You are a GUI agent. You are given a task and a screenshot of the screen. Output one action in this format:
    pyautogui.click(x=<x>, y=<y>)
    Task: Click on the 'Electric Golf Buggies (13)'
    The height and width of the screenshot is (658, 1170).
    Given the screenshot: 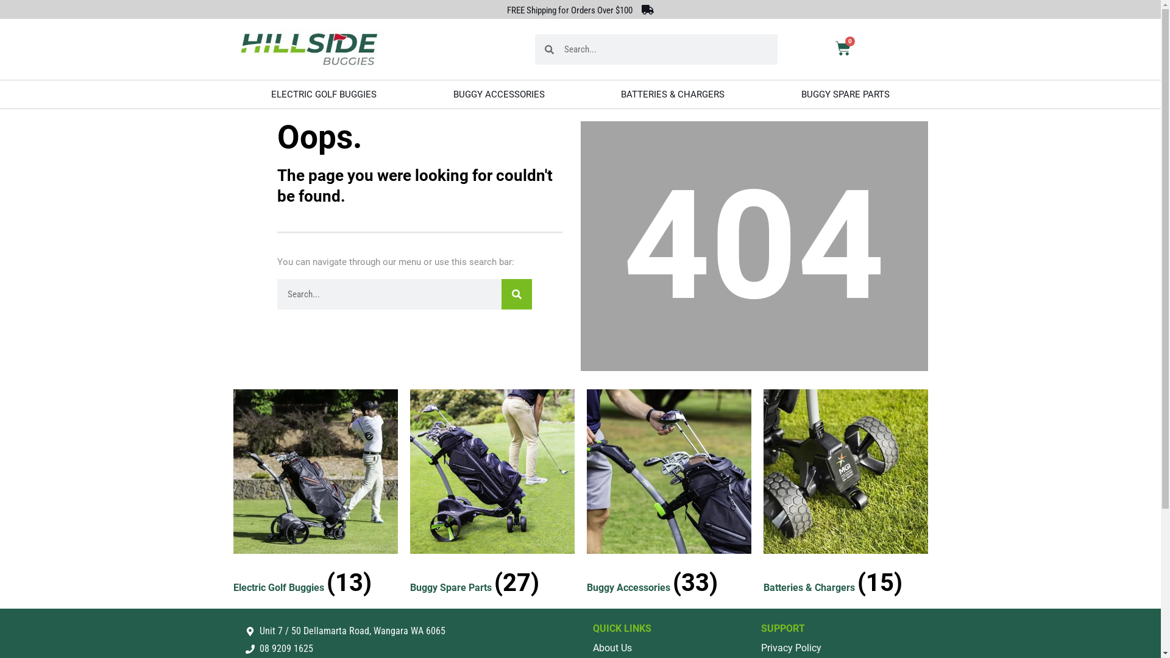 What is the action you would take?
    pyautogui.click(x=315, y=495)
    